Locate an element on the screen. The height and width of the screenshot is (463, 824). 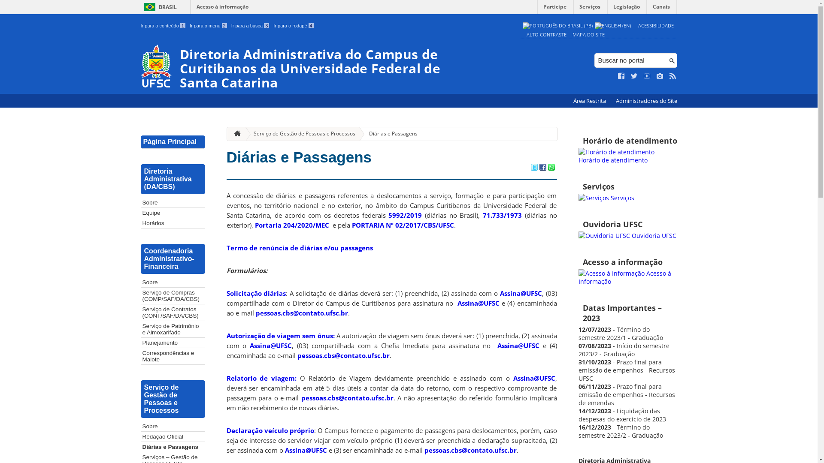
'Relatorio de viagem:' is located at coordinates (261, 378).